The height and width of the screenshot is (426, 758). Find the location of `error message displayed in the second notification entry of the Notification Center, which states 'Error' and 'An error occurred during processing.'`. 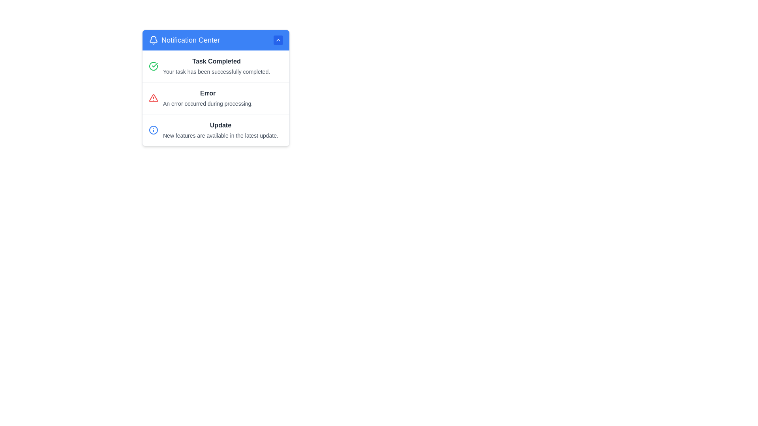

error message displayed in the second notification entry of the Notification Center, which states 'Error' and 'An error occurred during processing.' is located at coordinates (208, 98).